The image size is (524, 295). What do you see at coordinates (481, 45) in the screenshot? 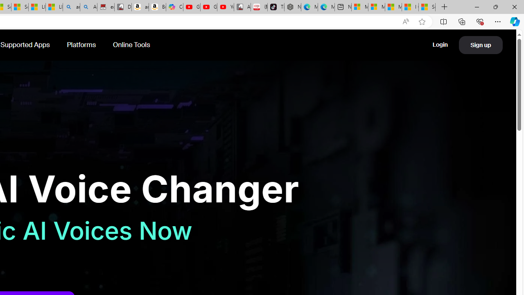
I see `'Sign up'` at bounding box center [481, 45].